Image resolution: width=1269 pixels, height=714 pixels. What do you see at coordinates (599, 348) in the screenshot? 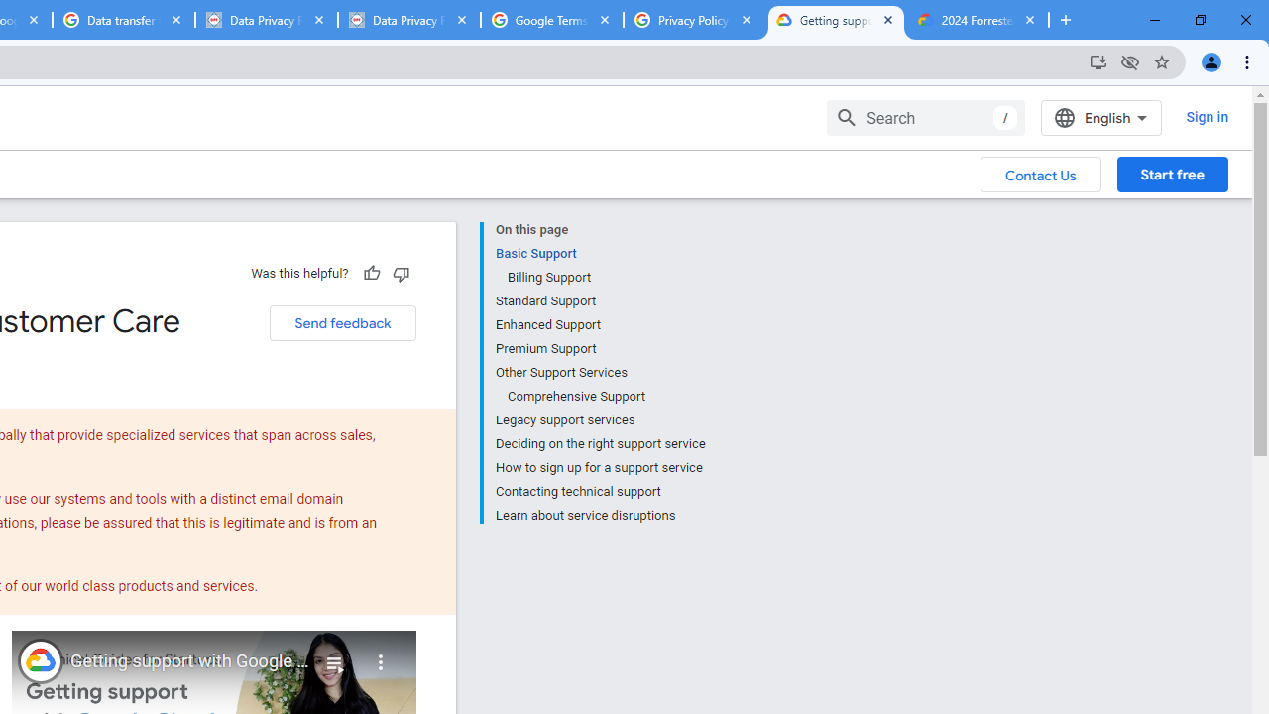
I see `'Premium Support'` at bounding box center [599, 348].